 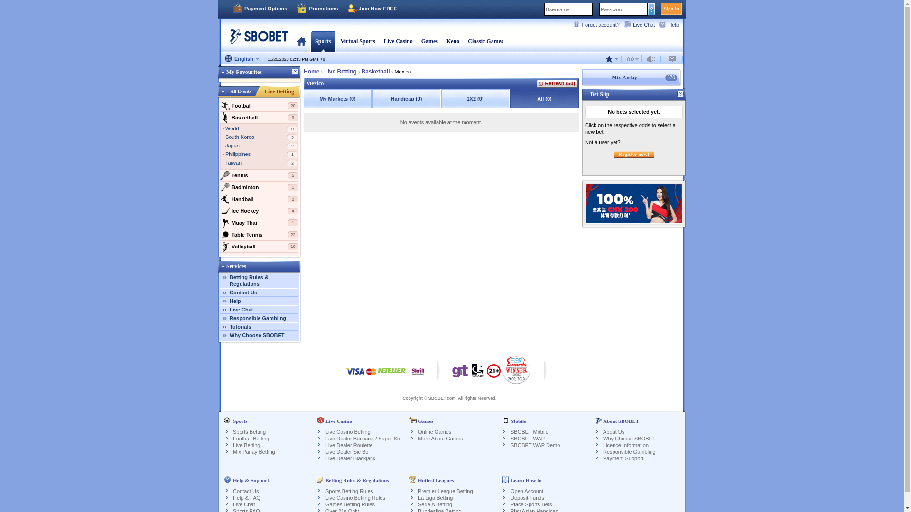 I want to click on 'Muay Thai, so click(x=259, y=223).